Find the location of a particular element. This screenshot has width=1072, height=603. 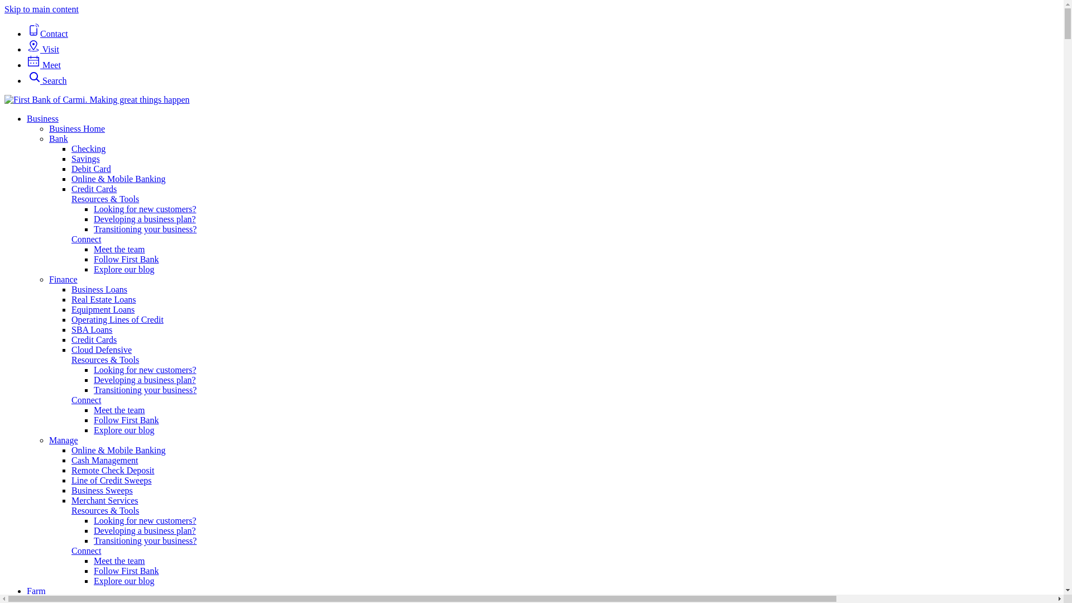

'Remote Check Deposit' is located at coordinates (112, 470).